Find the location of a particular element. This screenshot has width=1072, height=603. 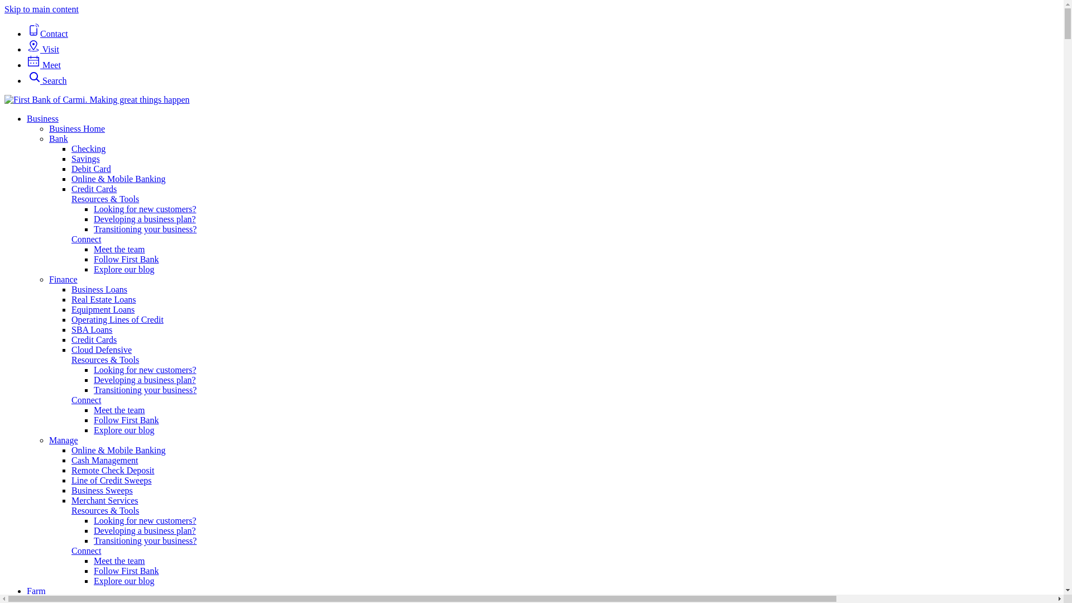

'Remote Check Deposit' is located at coordinates (112, 470).